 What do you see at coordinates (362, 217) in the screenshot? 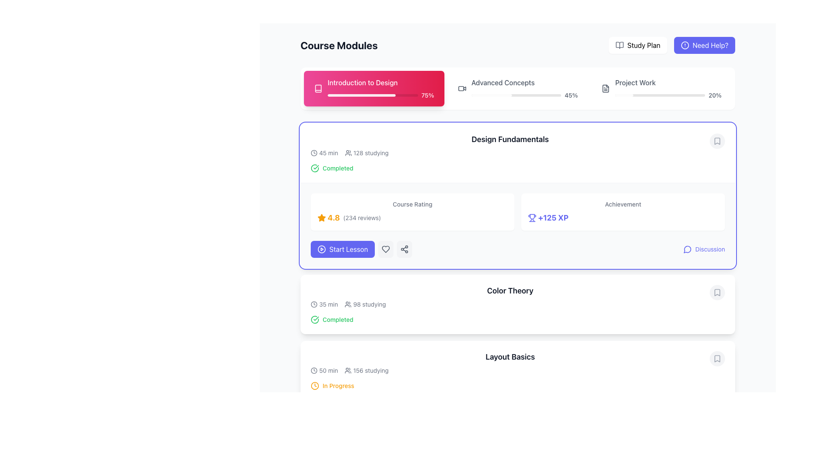
I see `the Text Label indicating the total number of reviews for the course rating, positioned to the right of the '4.8' rating` at bounding box center [362, 217].